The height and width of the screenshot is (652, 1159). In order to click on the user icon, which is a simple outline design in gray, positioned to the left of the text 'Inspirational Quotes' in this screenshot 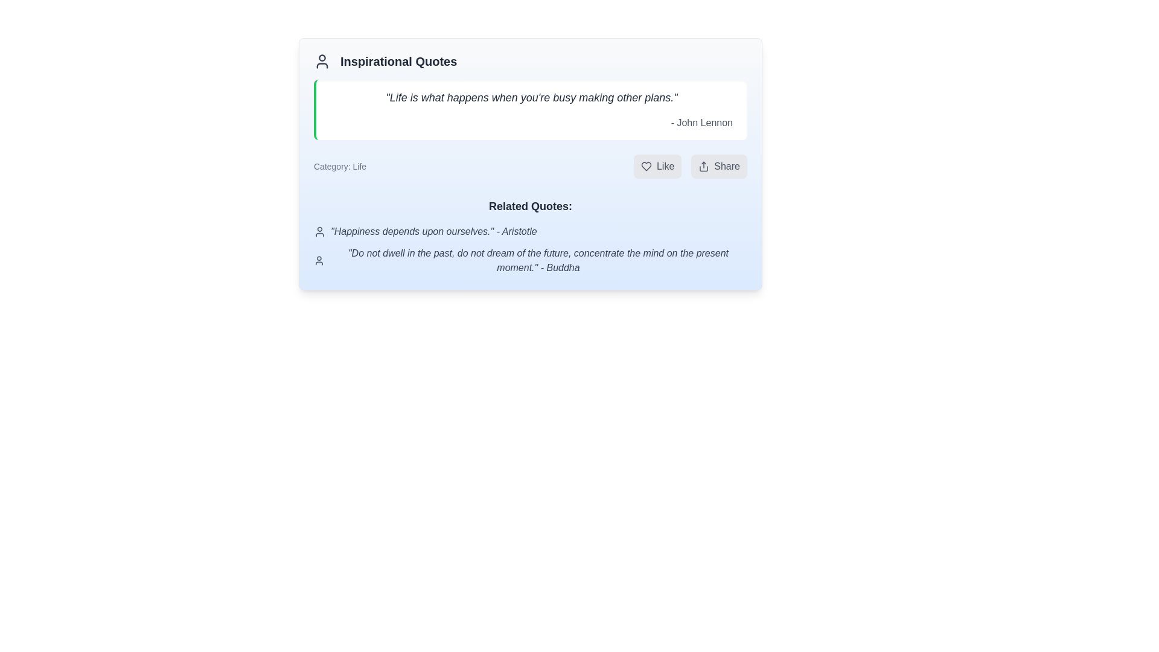, I will do `click(322, 61)`.